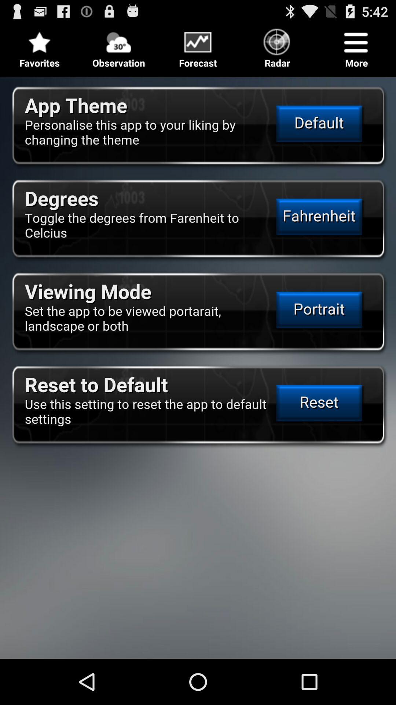 The width and height of the screenshot is (396, 705). I want to click on settings display field, so click(198, 365).